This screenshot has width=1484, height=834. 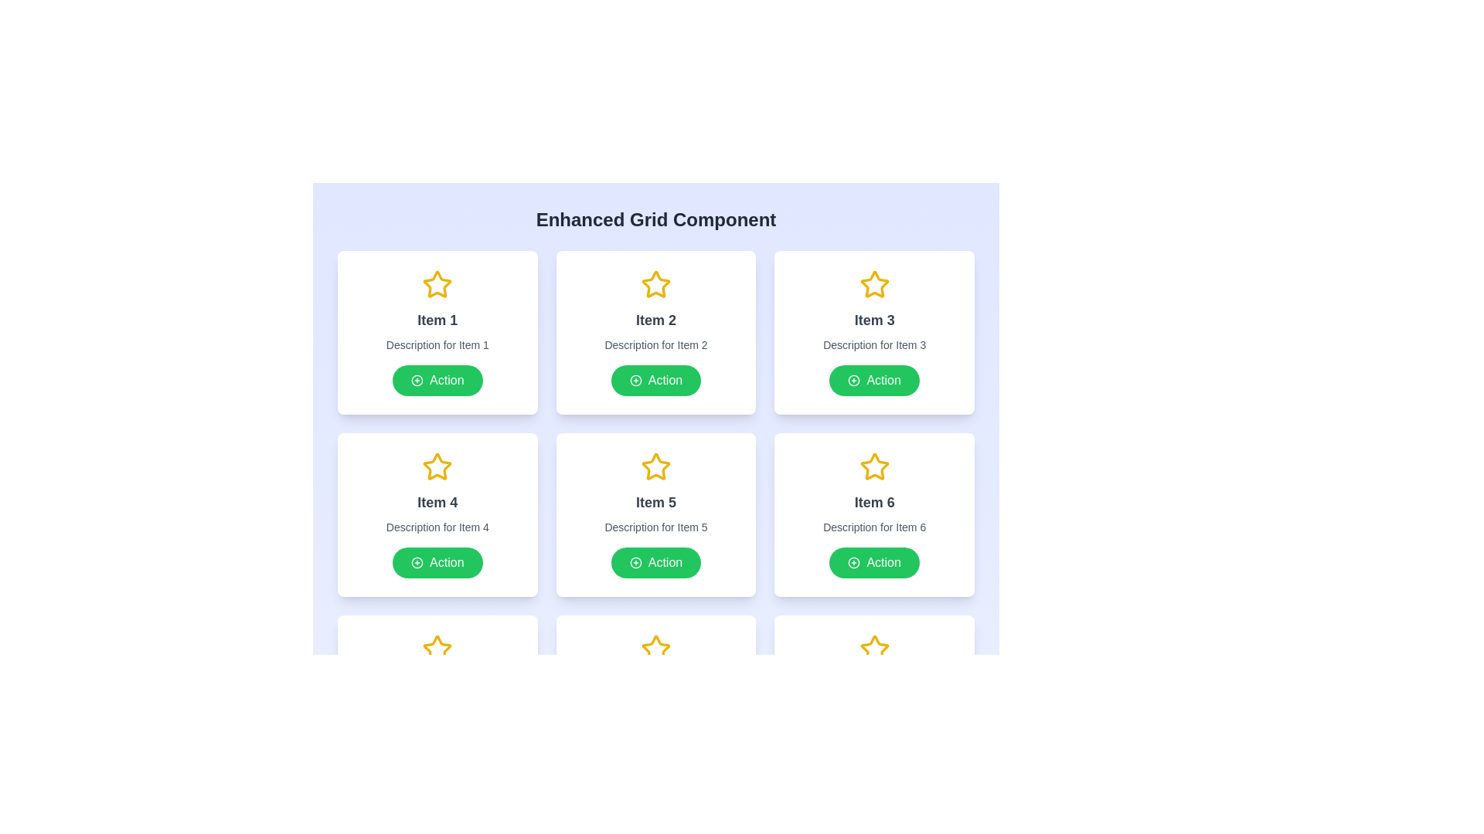 I want to click on the star-like icon with a hollow center, styled in bright yellow, located within the card titled 'Item 1', positioned above the textual description and the green 'Action' button, so click(x=437, y=284).